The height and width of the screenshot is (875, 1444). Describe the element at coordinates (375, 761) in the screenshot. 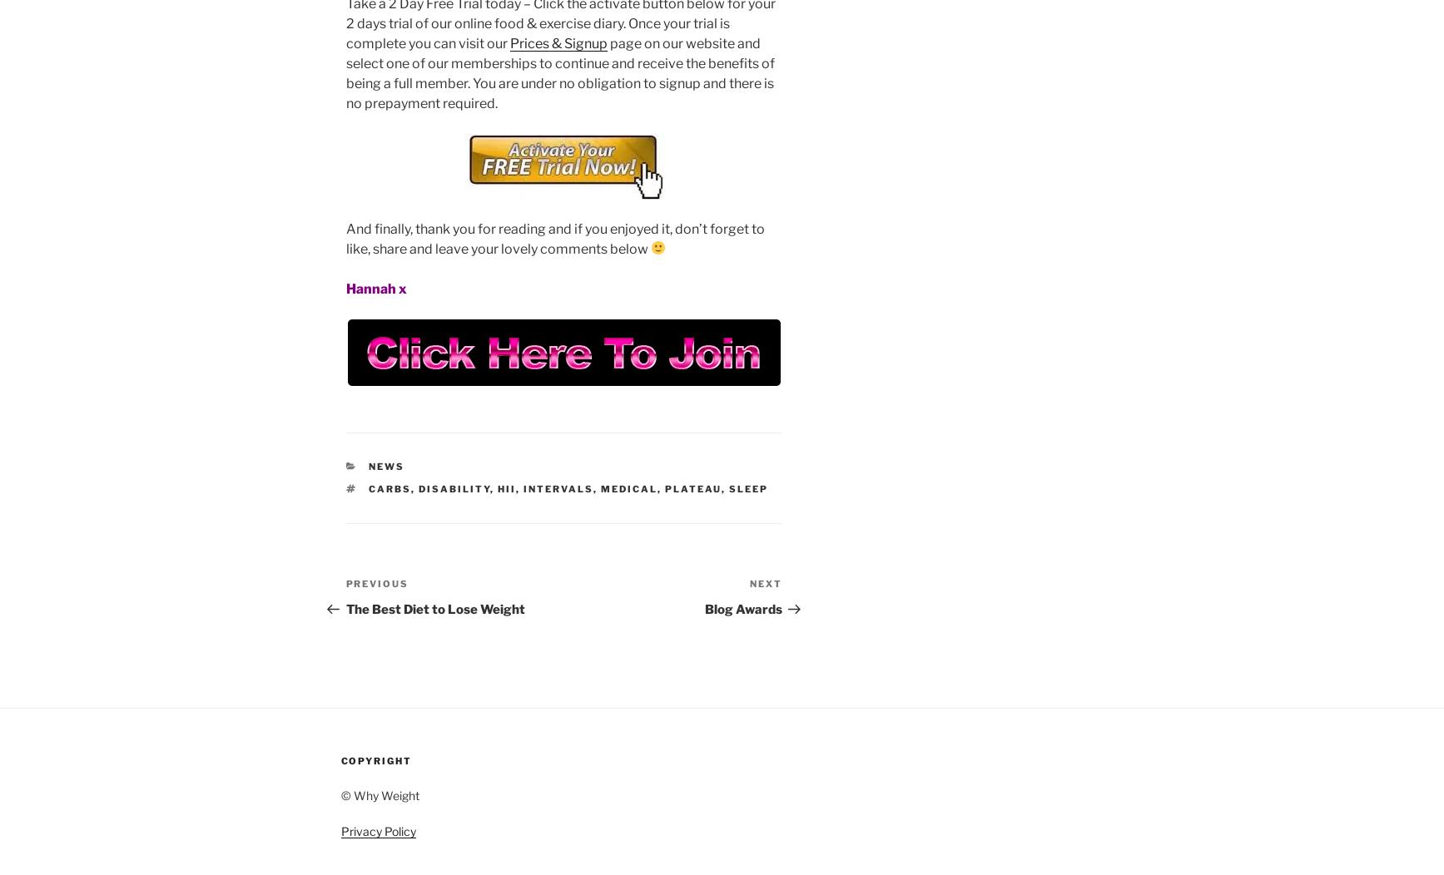

I see `'copyright'` at that location.